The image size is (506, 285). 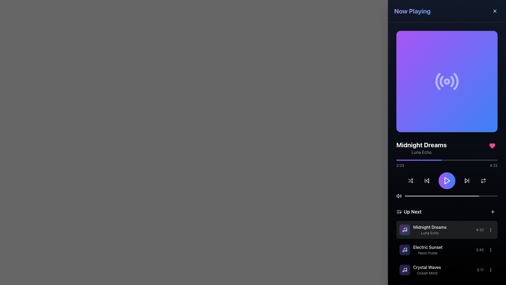 I want to click on the Text Label that serves as the title of the track in the 'Up Next' section, located below 'Electric Sunset' and above 'Ocean Mind', so click(x=427, y=267).